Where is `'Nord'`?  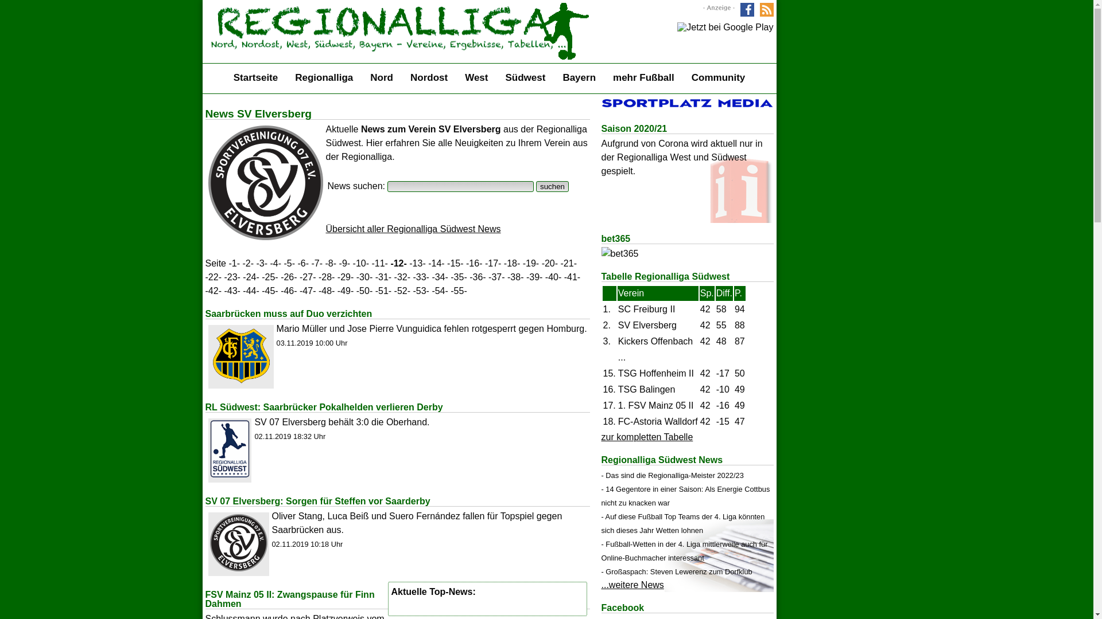
'Nord' is located at coordinates (382, 77).